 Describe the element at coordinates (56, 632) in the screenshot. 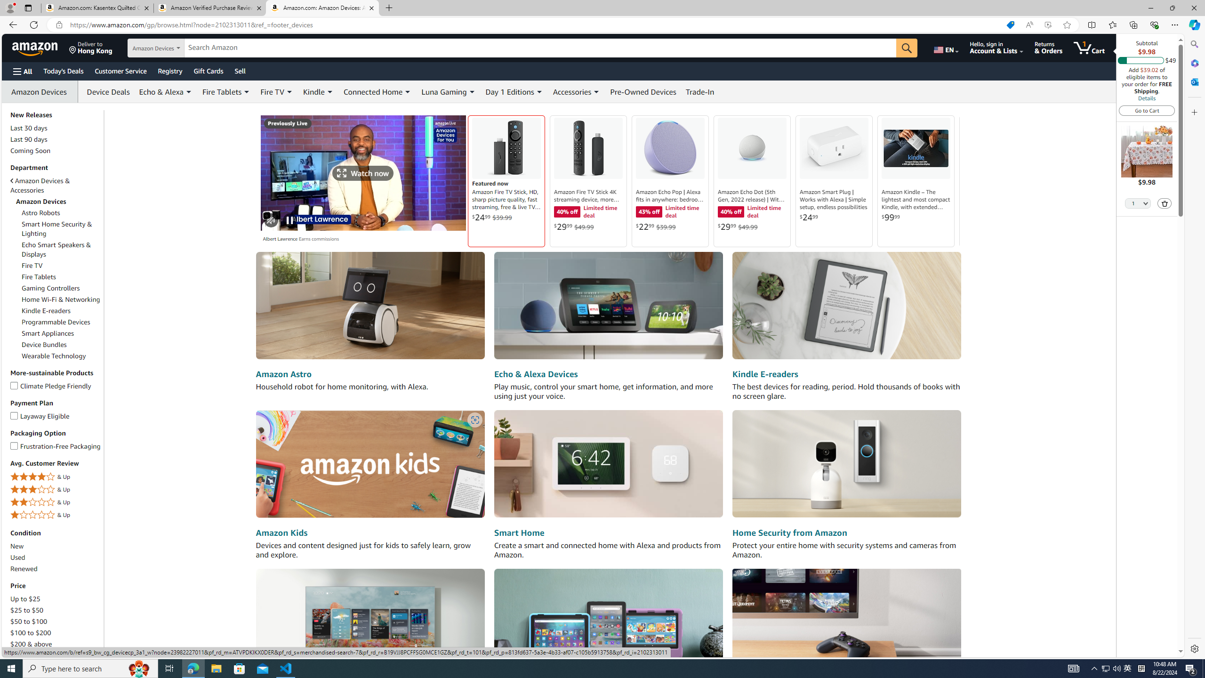

I see `'$100 to $200'` at that location.